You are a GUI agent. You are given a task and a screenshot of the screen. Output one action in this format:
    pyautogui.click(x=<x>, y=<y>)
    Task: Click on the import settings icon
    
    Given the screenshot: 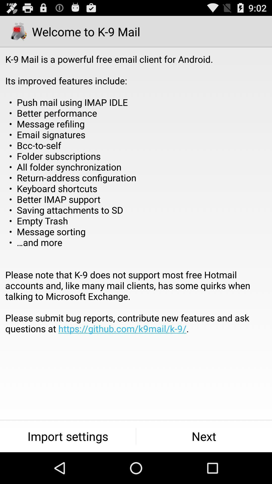 What is the action you would take?
    pyautogui.click(x=67, y=436)
    